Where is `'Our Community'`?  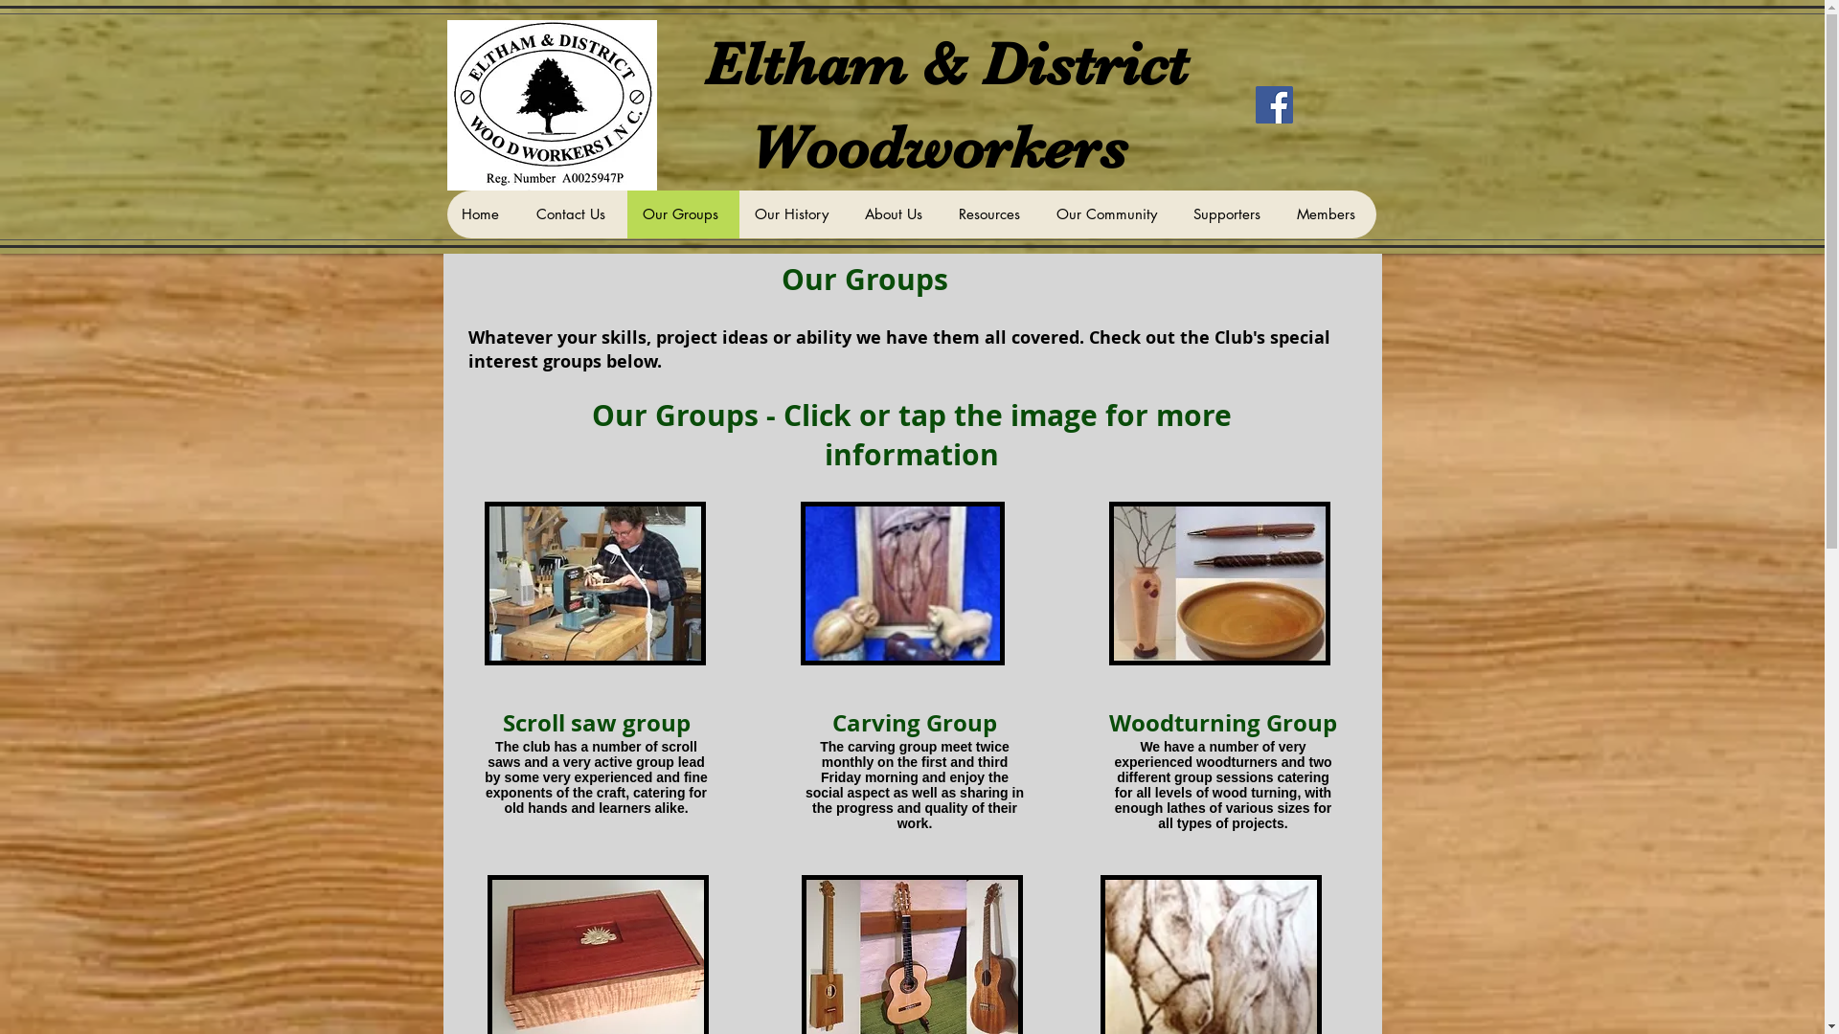
'Our Community' is located at coordinates (1038, 214).